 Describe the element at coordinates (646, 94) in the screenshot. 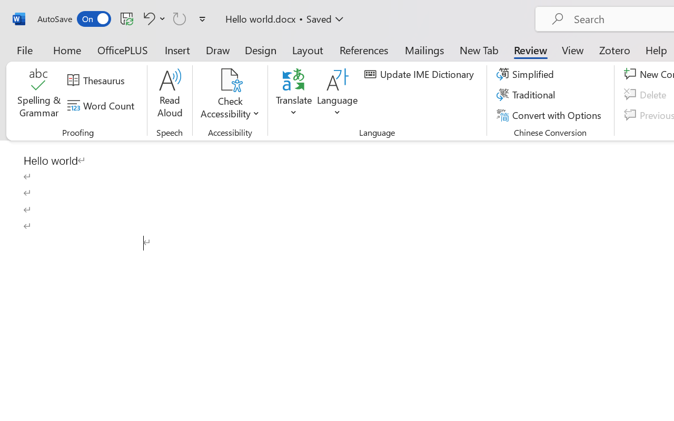

I see `'Delete'` at that location.